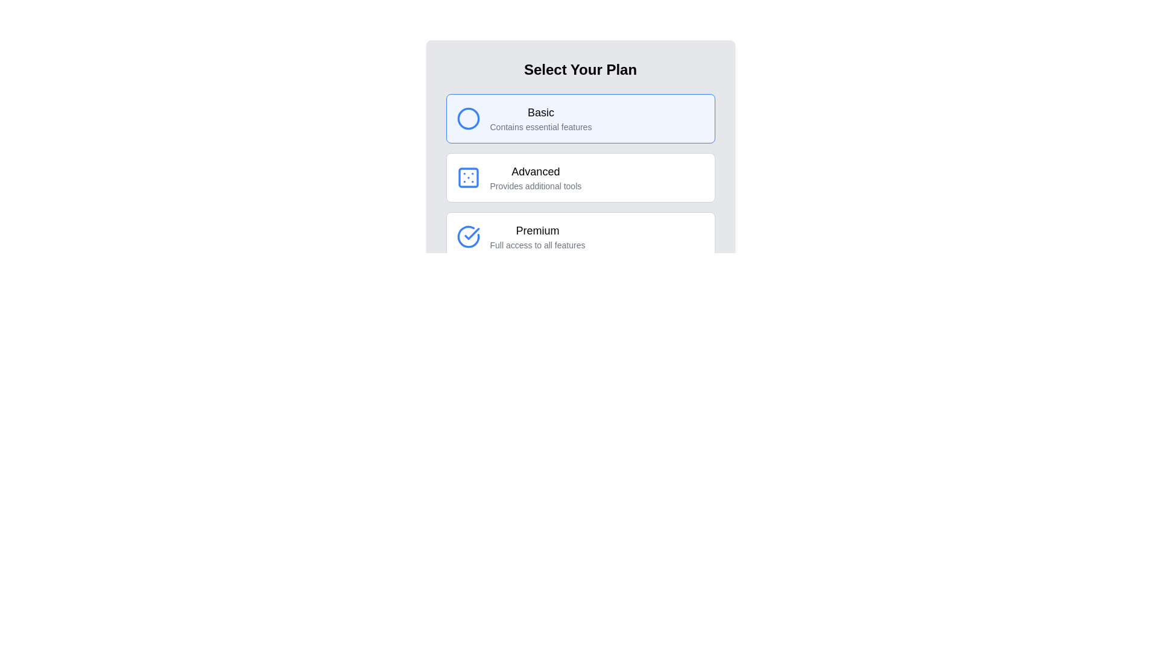 This screenshot has height=651, width=1158. I want to click on the 'Premium' plan card, which is the third option in a vertically stacked list of plan selection cards, so click(580, 237).